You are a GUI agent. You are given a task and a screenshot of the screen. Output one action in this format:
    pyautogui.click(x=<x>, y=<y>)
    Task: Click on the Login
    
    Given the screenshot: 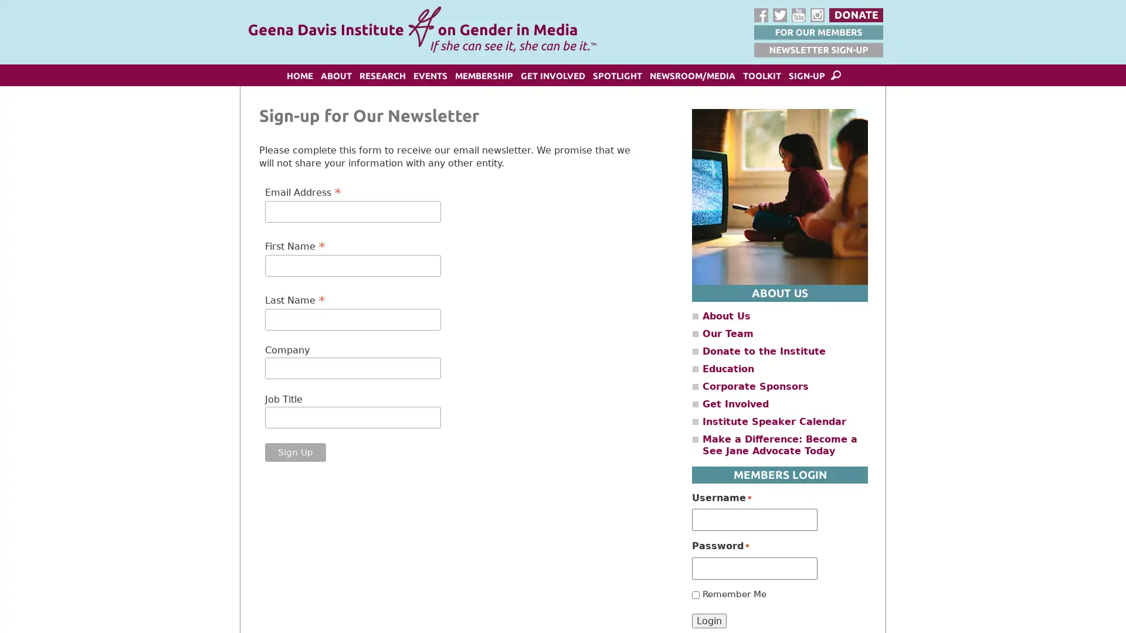 What is the action you would take?
    pyautogui.click(x=708, y=620)
    